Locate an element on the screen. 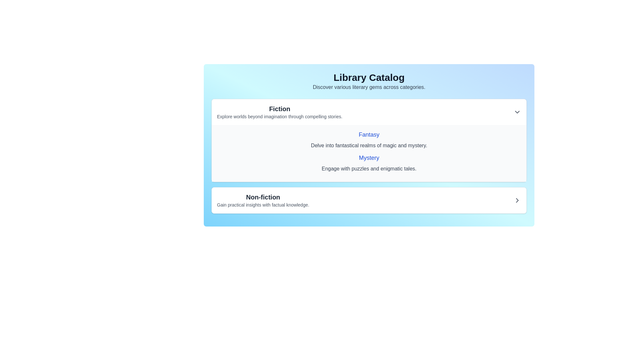 This screenshot has height=348, width=620. the 'Non-fiction' list item in the library catalog is located at coordinates (369, 200).